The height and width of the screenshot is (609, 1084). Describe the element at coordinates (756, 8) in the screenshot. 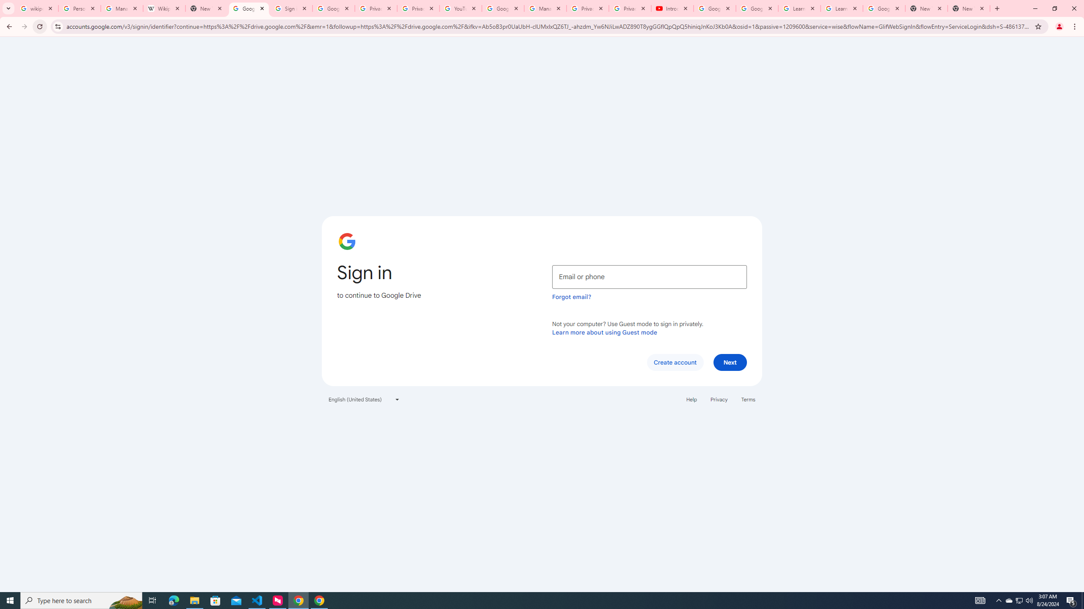

I see `'Google Account Help'` at that location.